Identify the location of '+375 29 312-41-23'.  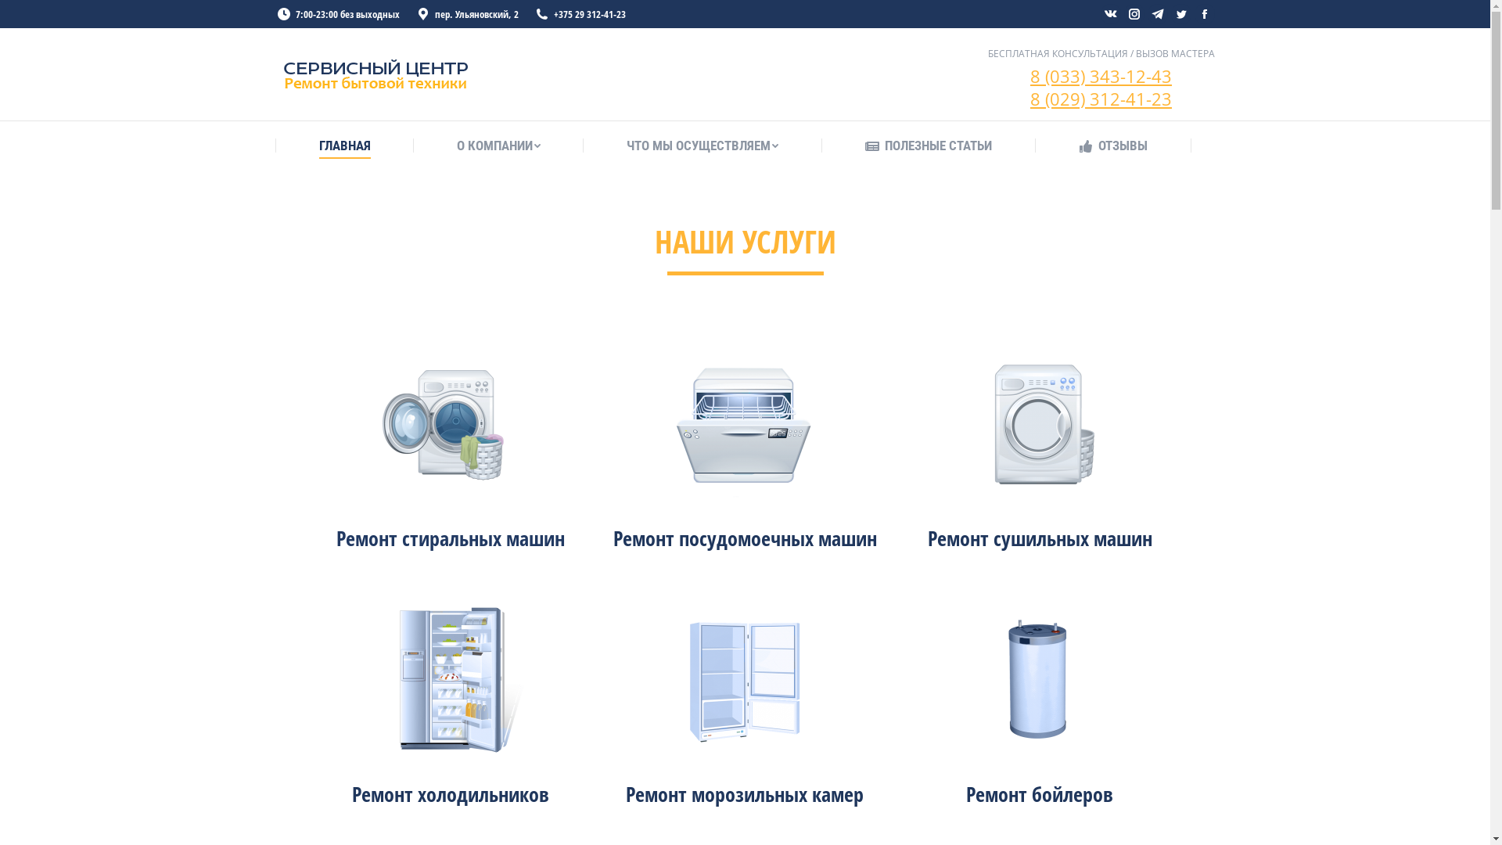
(578, 13).